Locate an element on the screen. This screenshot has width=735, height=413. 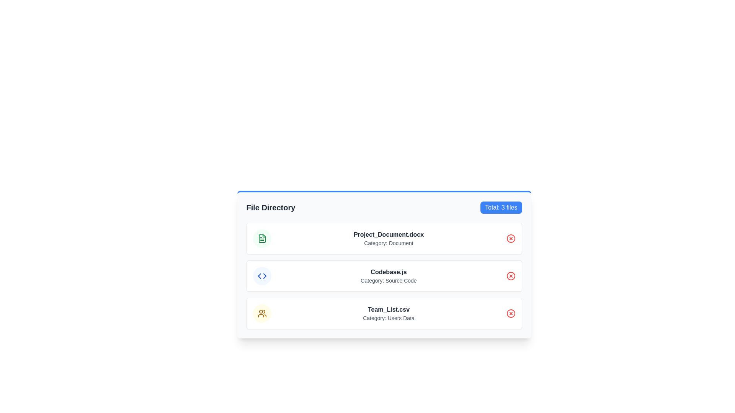
the label containing the title 'Project_Document.docx' and the description 'Category: Document' is located at coordinates (389, 238).